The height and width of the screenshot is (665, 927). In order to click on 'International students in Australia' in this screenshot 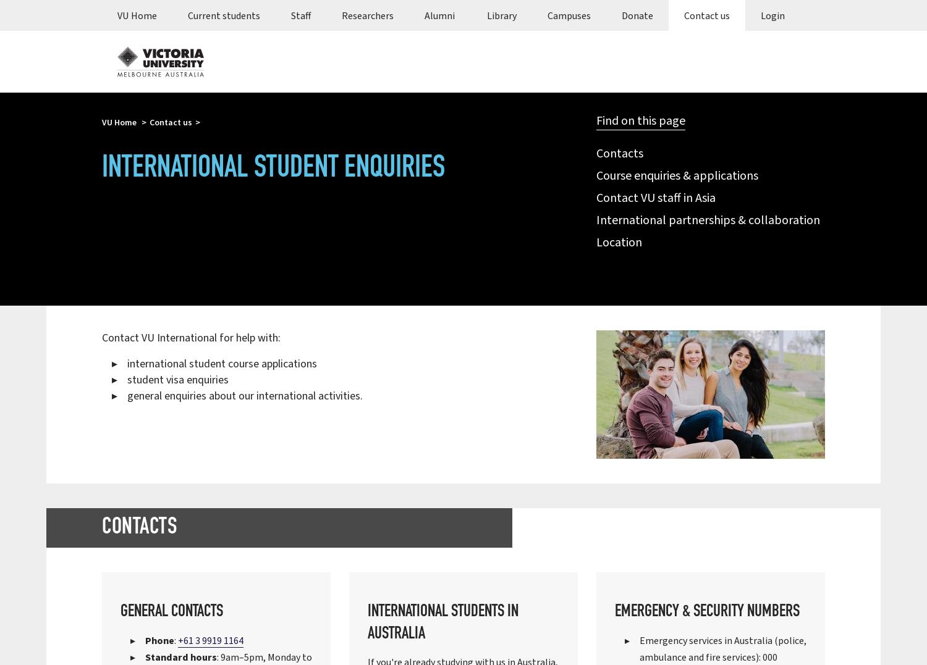, I will do `click(442, 622)`.